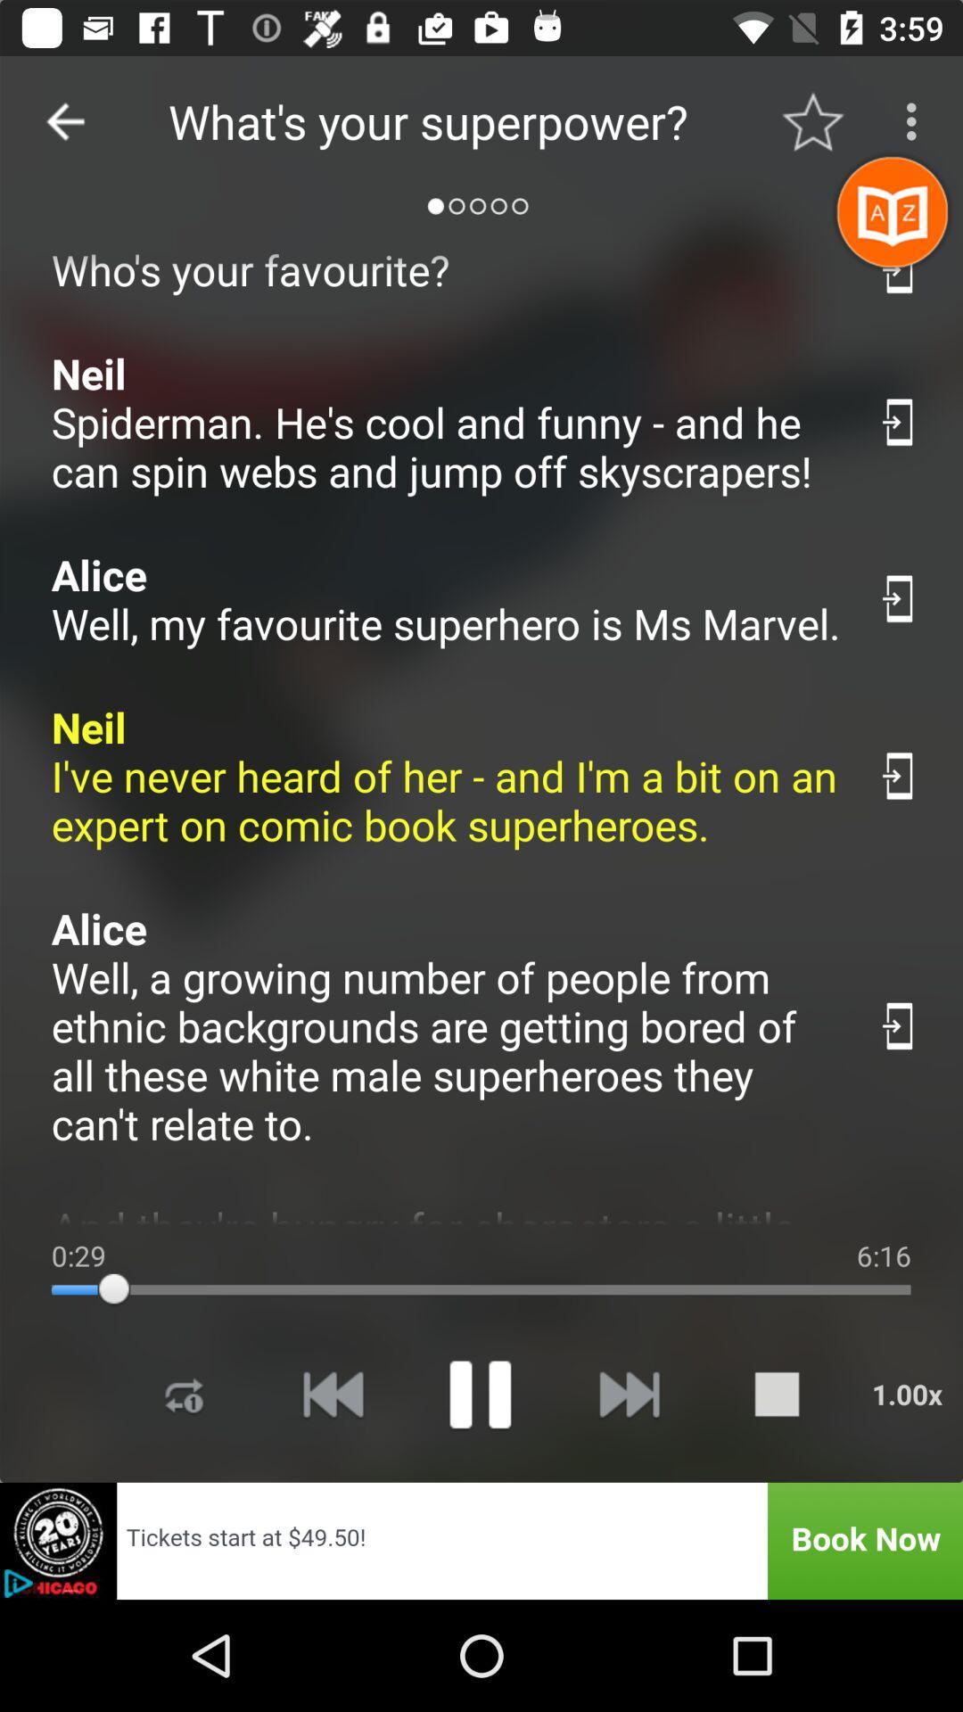  What do you see at coordinates (900, 1025) in the screenshot?
I see `share the article` at bounding box center [900, 1025].